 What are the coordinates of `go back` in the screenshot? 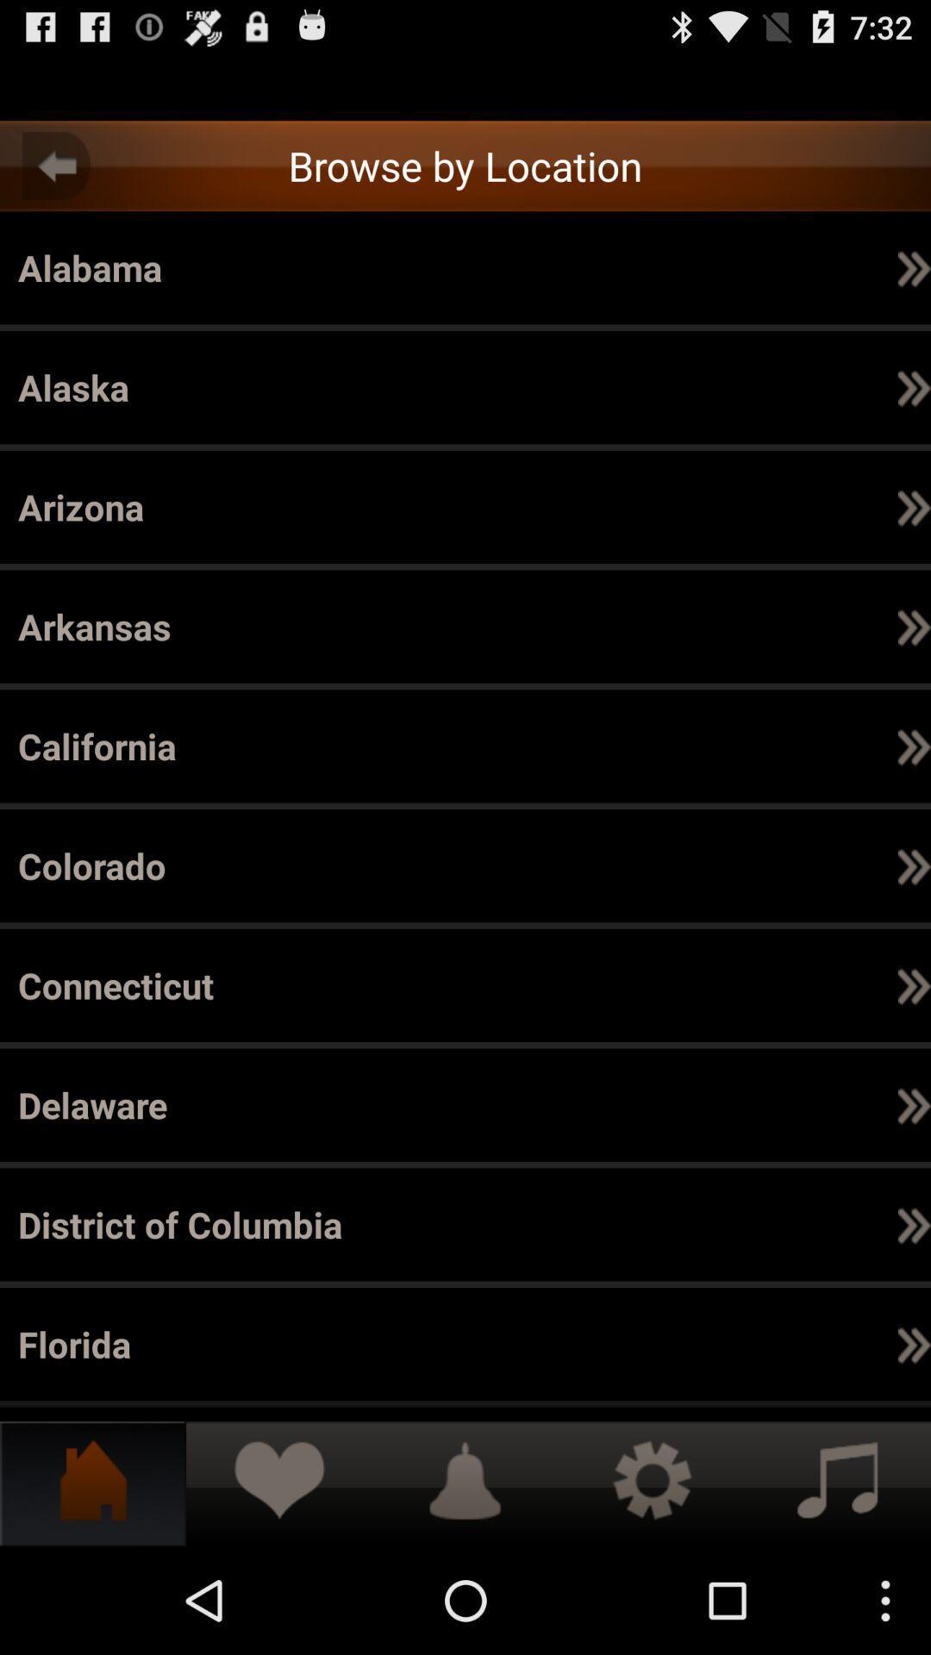 It's located at (55, 165).